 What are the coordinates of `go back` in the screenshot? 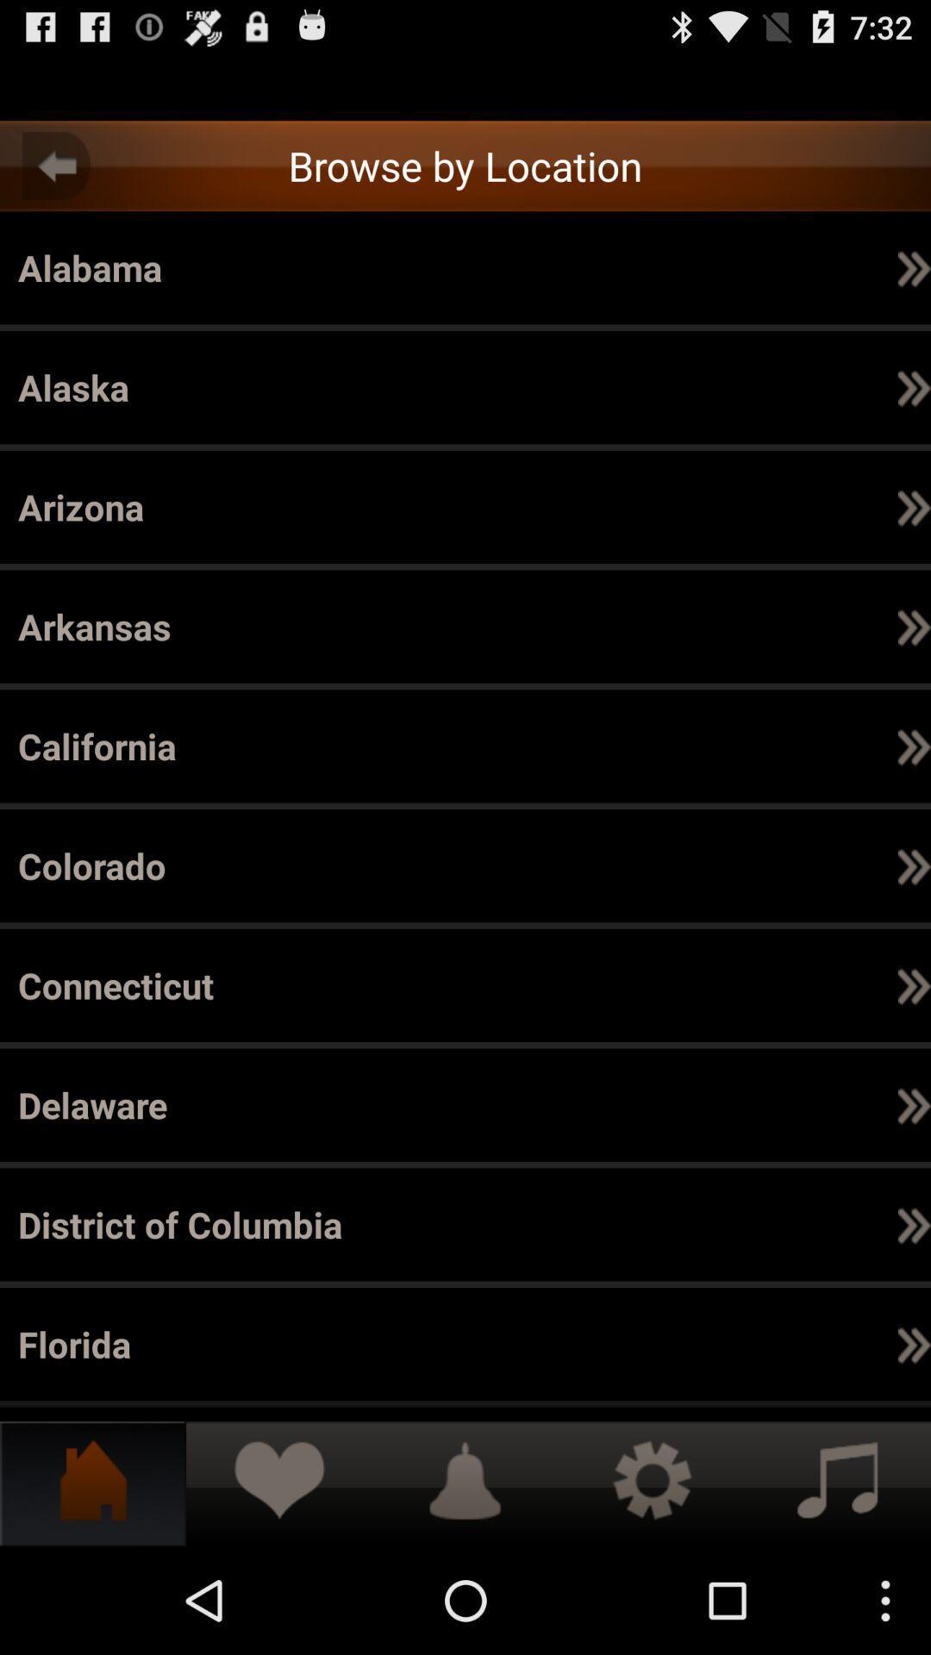 It's located at (55, 165).